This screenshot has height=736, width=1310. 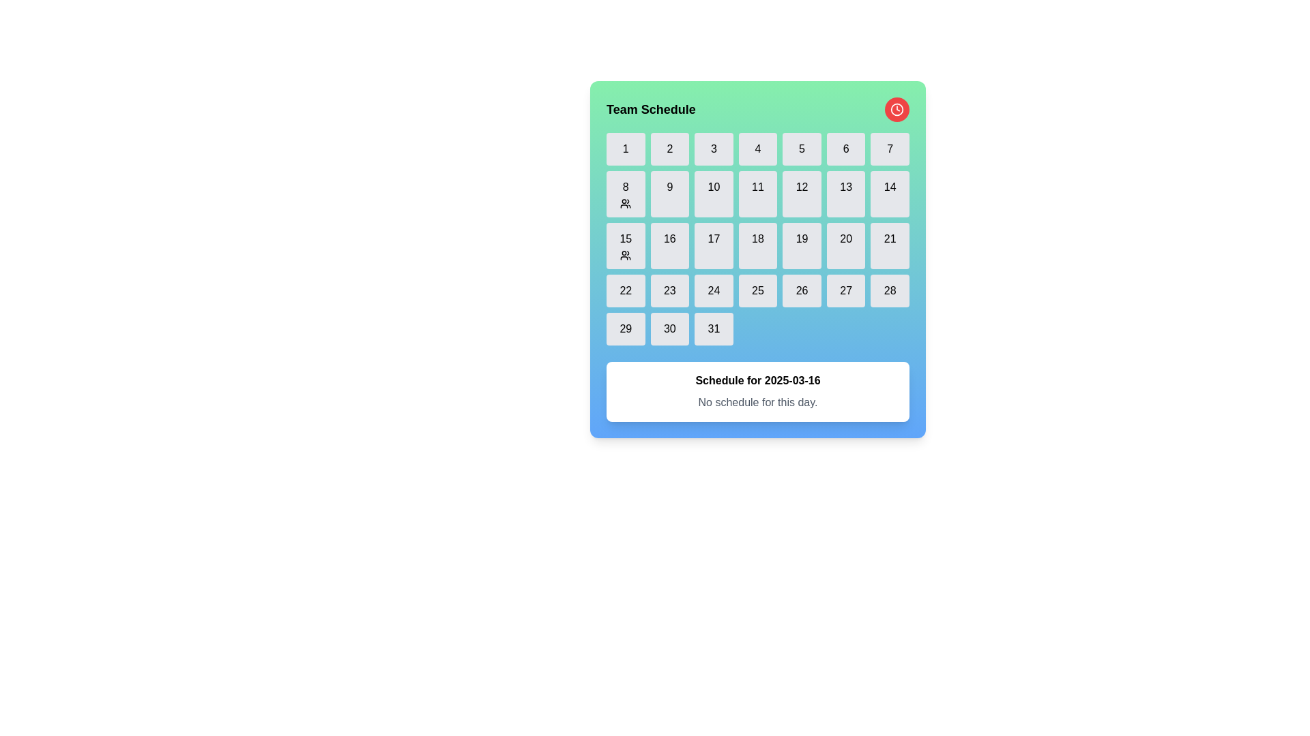 What do you see at coordinates (669, 239) in the screenshot?
I see `the date label indicating the day of the week in the calendar interface located in the third row and second column, which is positioned between the cells containing '15' and '17'` at bounding box center [669, 239].